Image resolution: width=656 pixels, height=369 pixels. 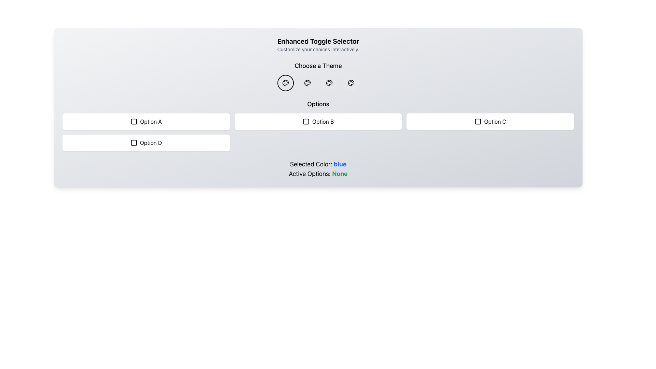 I want to click on the checkbox located to the left of the 'Option C' text, so click(x=478, y=121).